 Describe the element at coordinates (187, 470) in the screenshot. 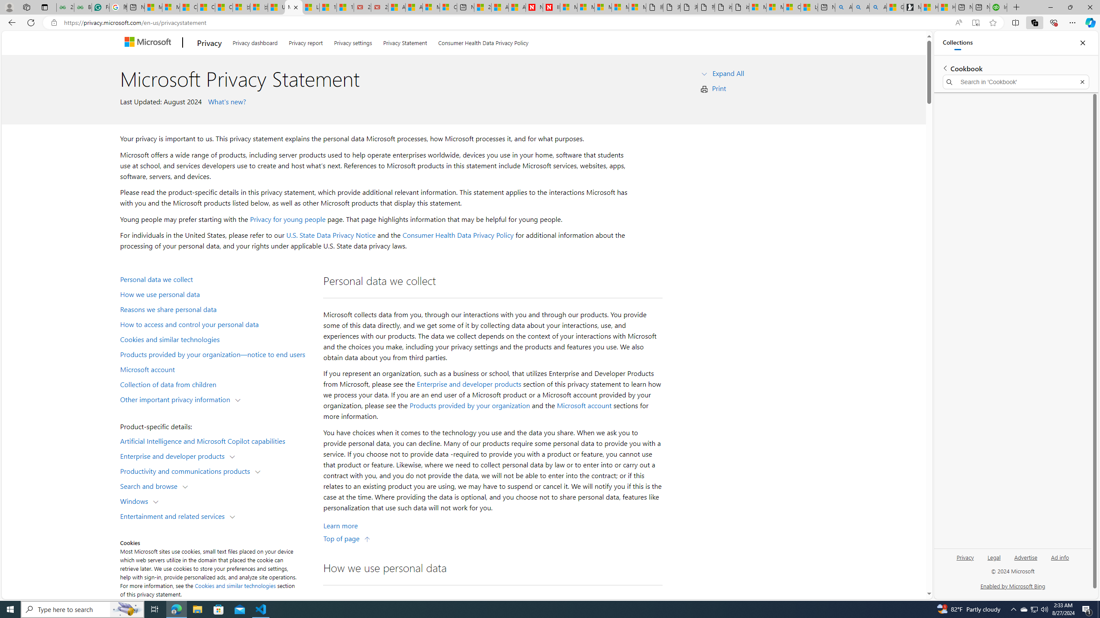

I see `'Productivity and communications products'` at that location.